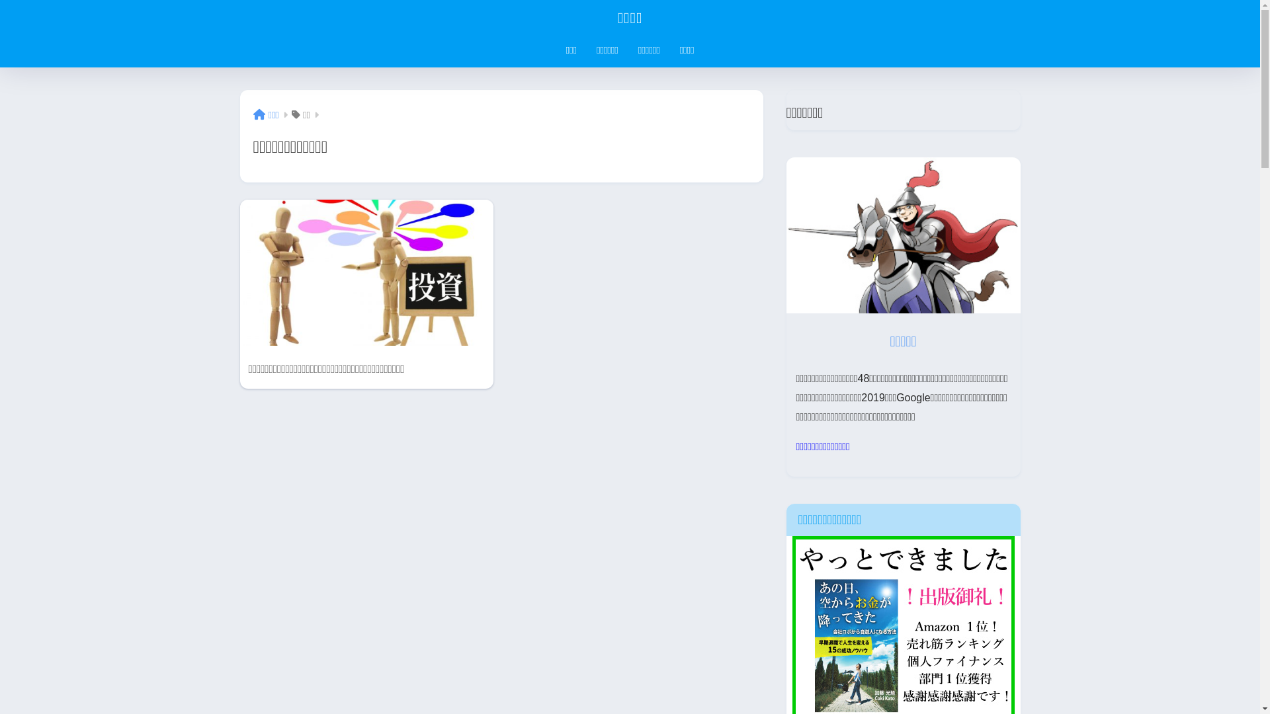  What do you see at coordinates (4, 4) in the screenshot?
I see `'on'` at bounding box center [4, 4].